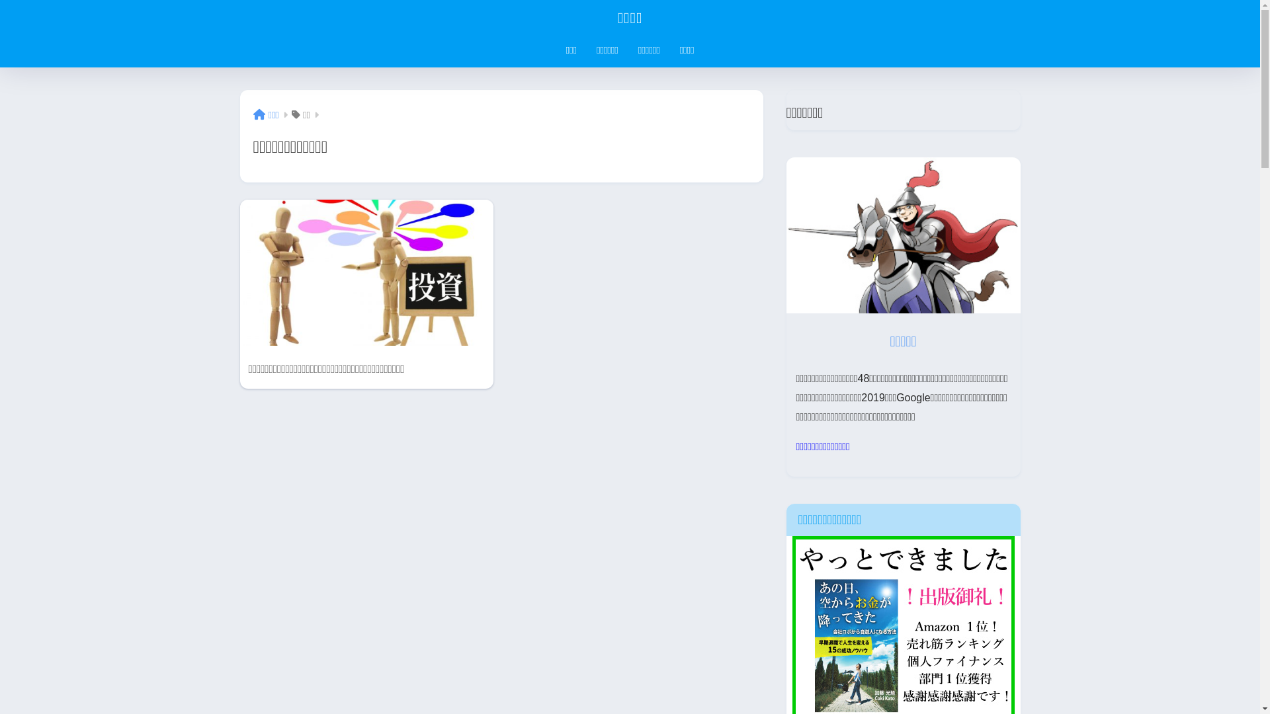  What do you see at coordinates (4, 4) in the screenshot?
I see `'on'` at bounding box center [4, 4].